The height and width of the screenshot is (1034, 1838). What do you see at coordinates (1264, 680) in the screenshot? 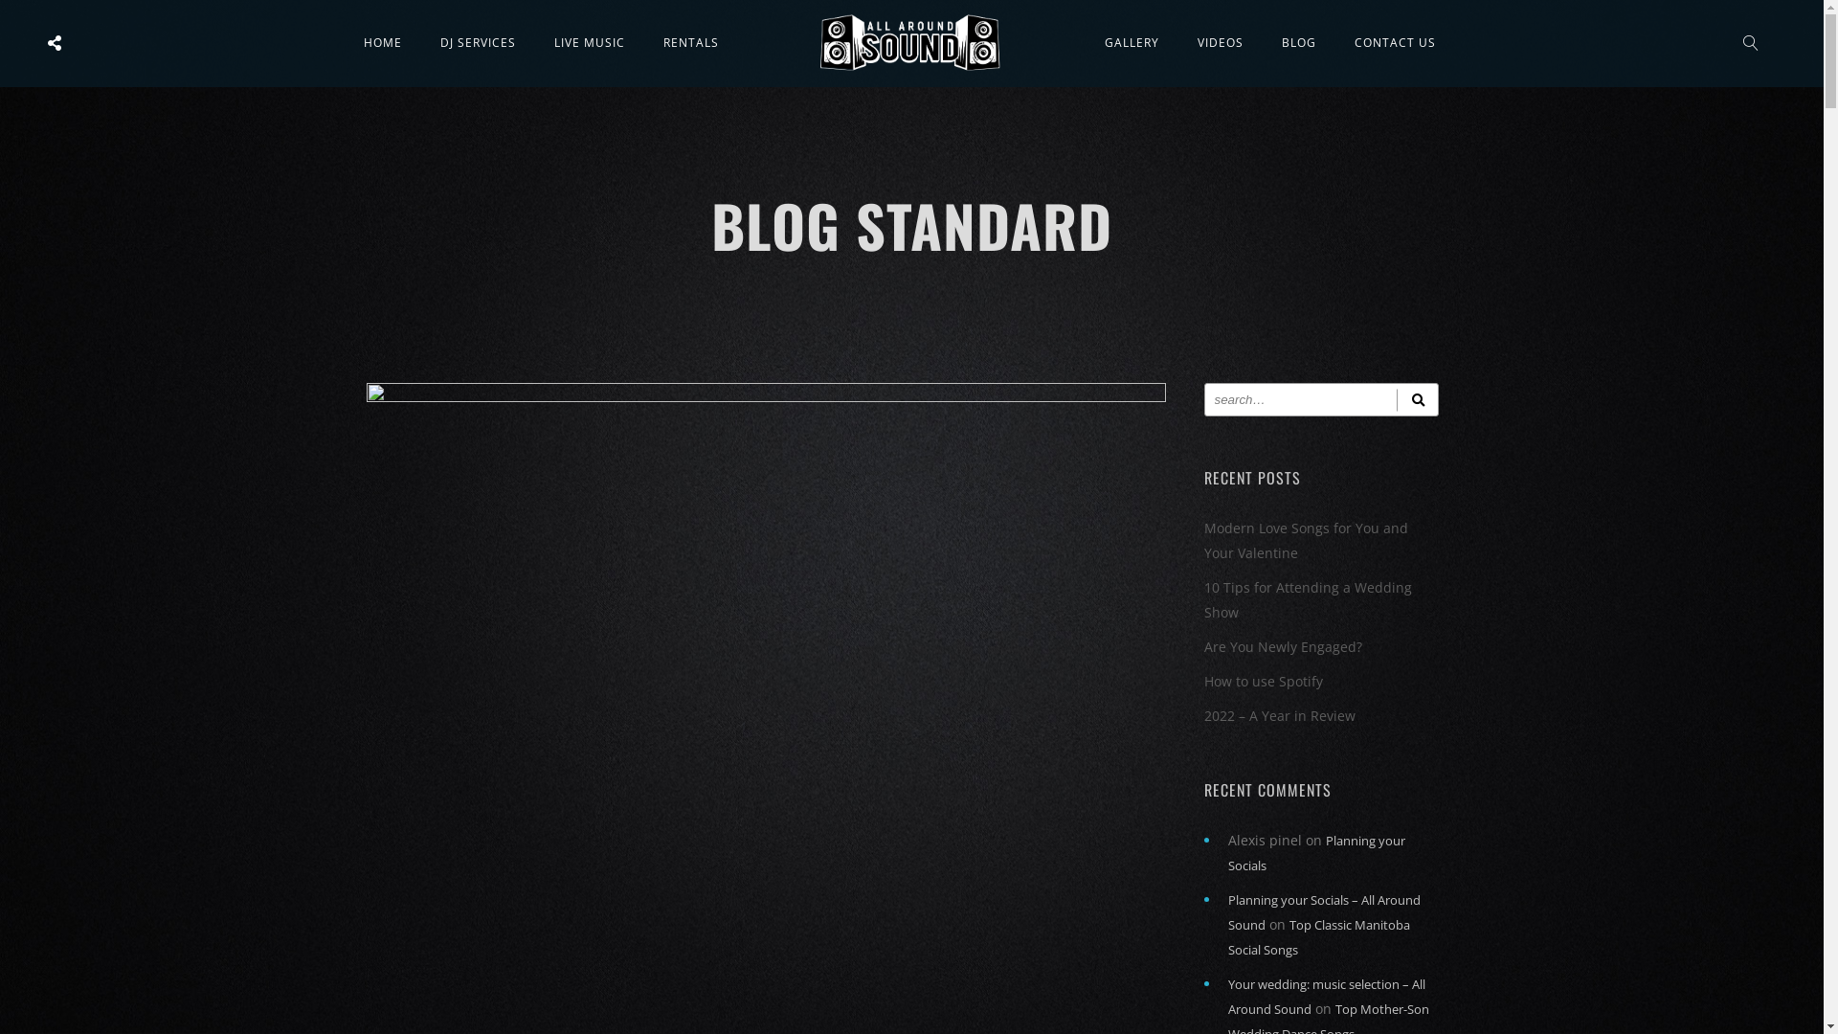
I see `'How to use Spotify'` at bounding box center [1264, 680].